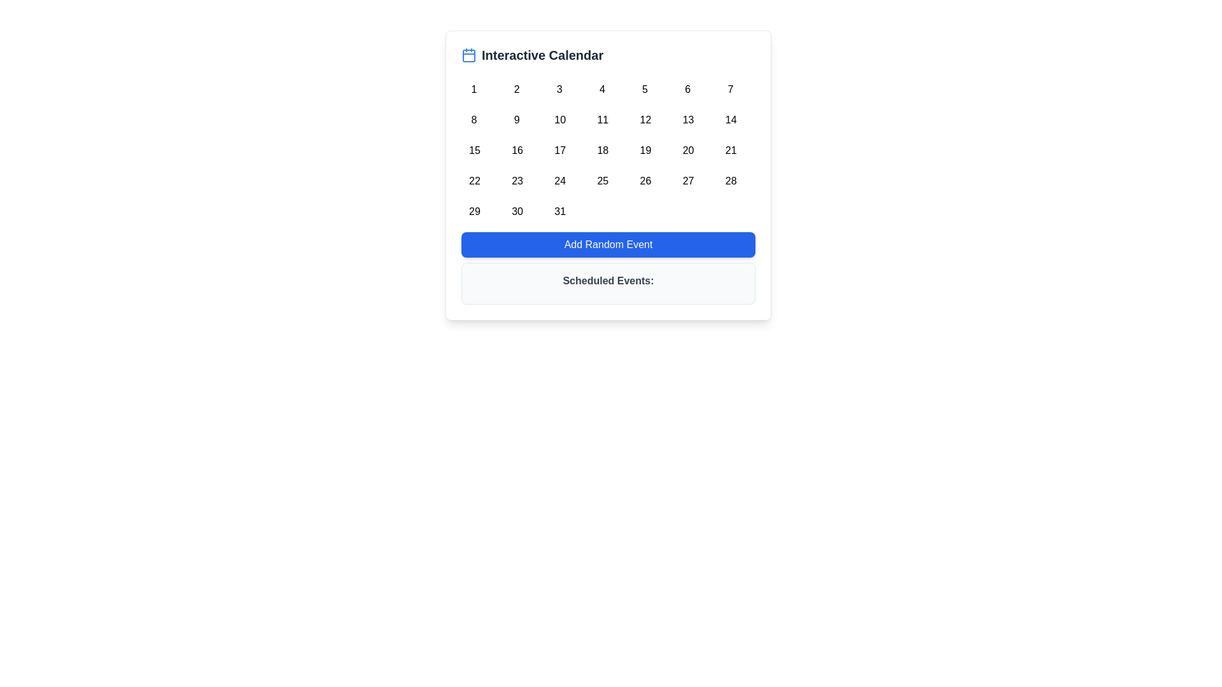 The width and height of the screenshot is (1222, 687). Describe the element at coordinates (645, 87) in the screenshot. I see `the button representing the 5th day of the calendar` at that location.